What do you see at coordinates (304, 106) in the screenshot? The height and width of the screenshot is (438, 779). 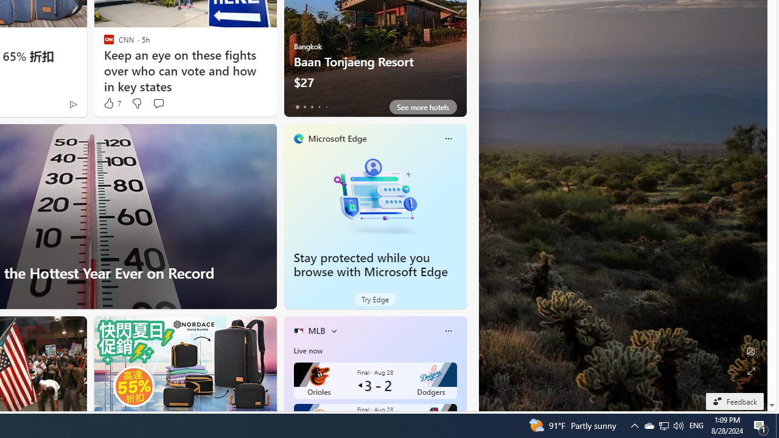 I see `'tab-1'` at bounding box center [304, 106].